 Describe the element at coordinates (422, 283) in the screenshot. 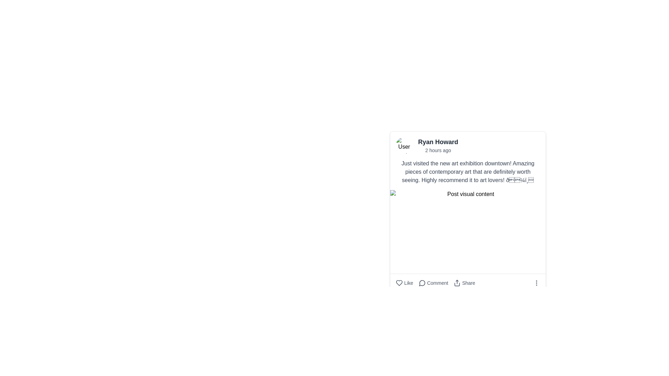

I see `the speech bubble icon located to the left of the 'Comment' text` at that location.